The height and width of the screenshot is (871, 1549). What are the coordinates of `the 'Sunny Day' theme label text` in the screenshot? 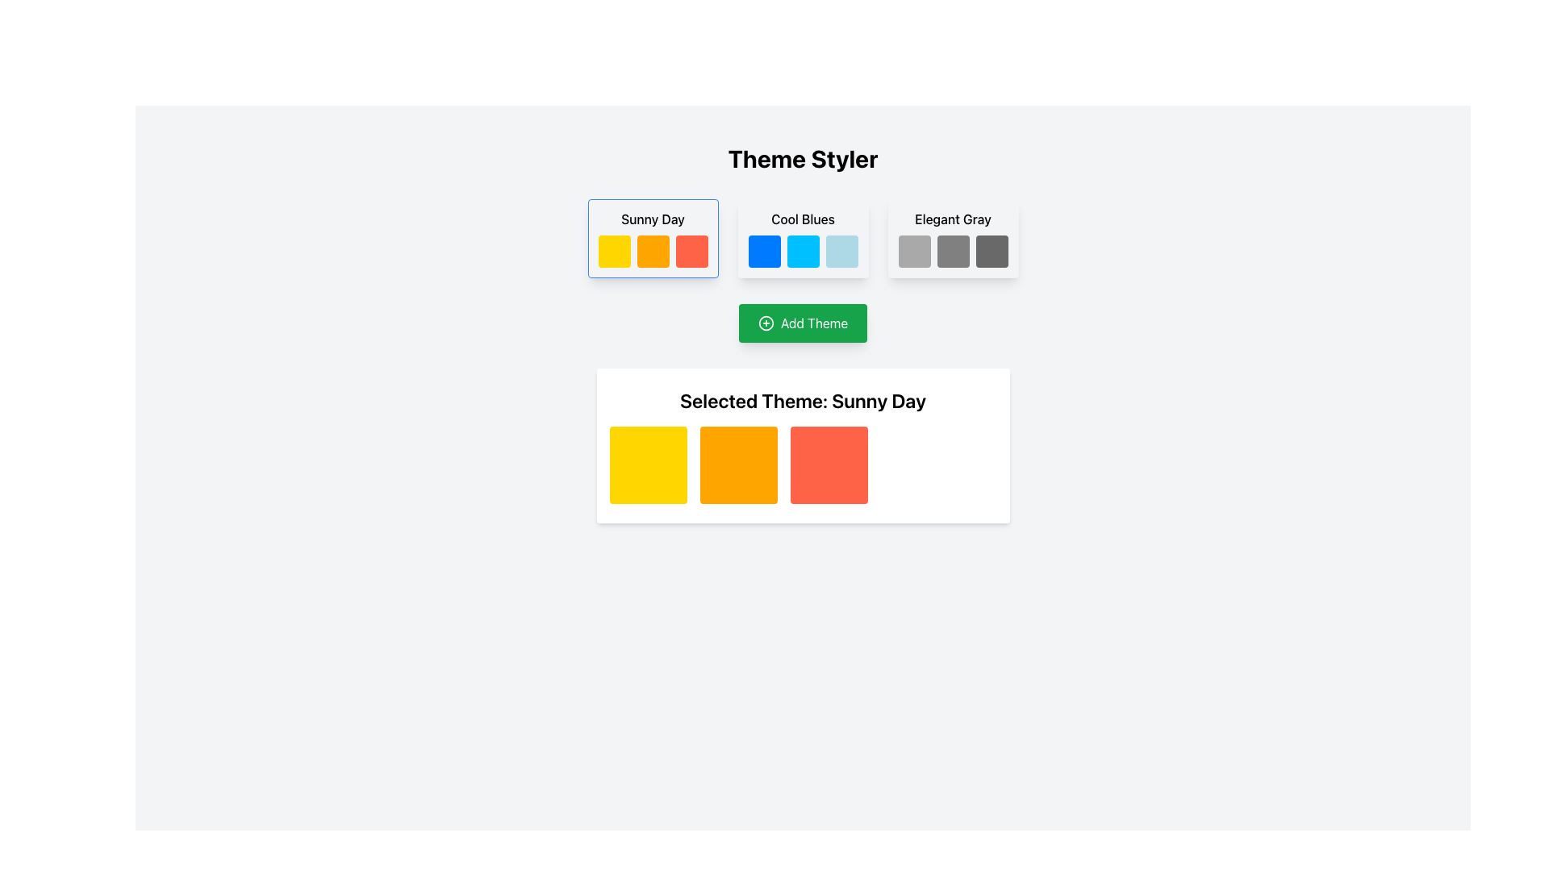 It's located at (653, 219).